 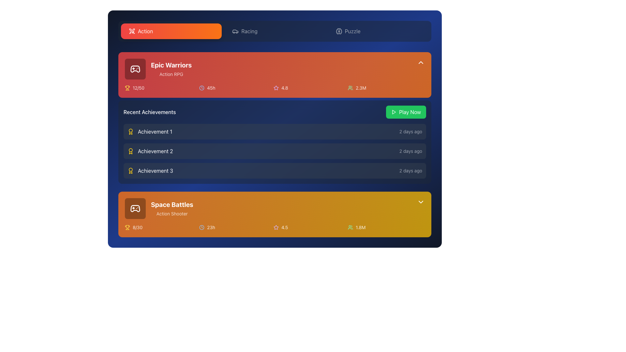 I want to click on the 'Racing' tab icon in the top navigation bar, which is located between the 'Action' and 'Puzzle' tabs, so click(x=235, y=31).